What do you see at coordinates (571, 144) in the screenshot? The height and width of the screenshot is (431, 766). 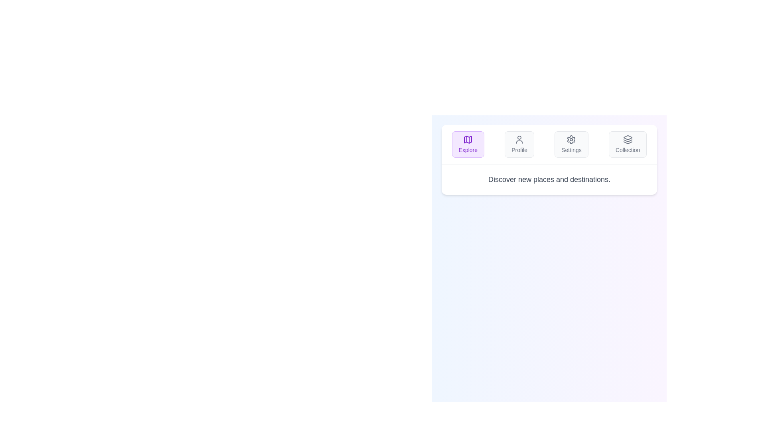 I see `the settings button, which is the third button in a horizontal group of buttons, to change its appearance` at bounding box center [571, 144].